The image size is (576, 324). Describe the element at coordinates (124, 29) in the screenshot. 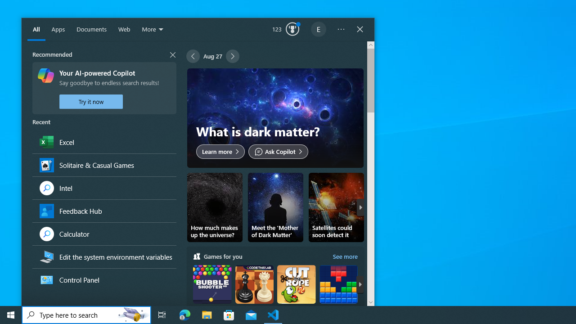

I see `'Web'` at that location.